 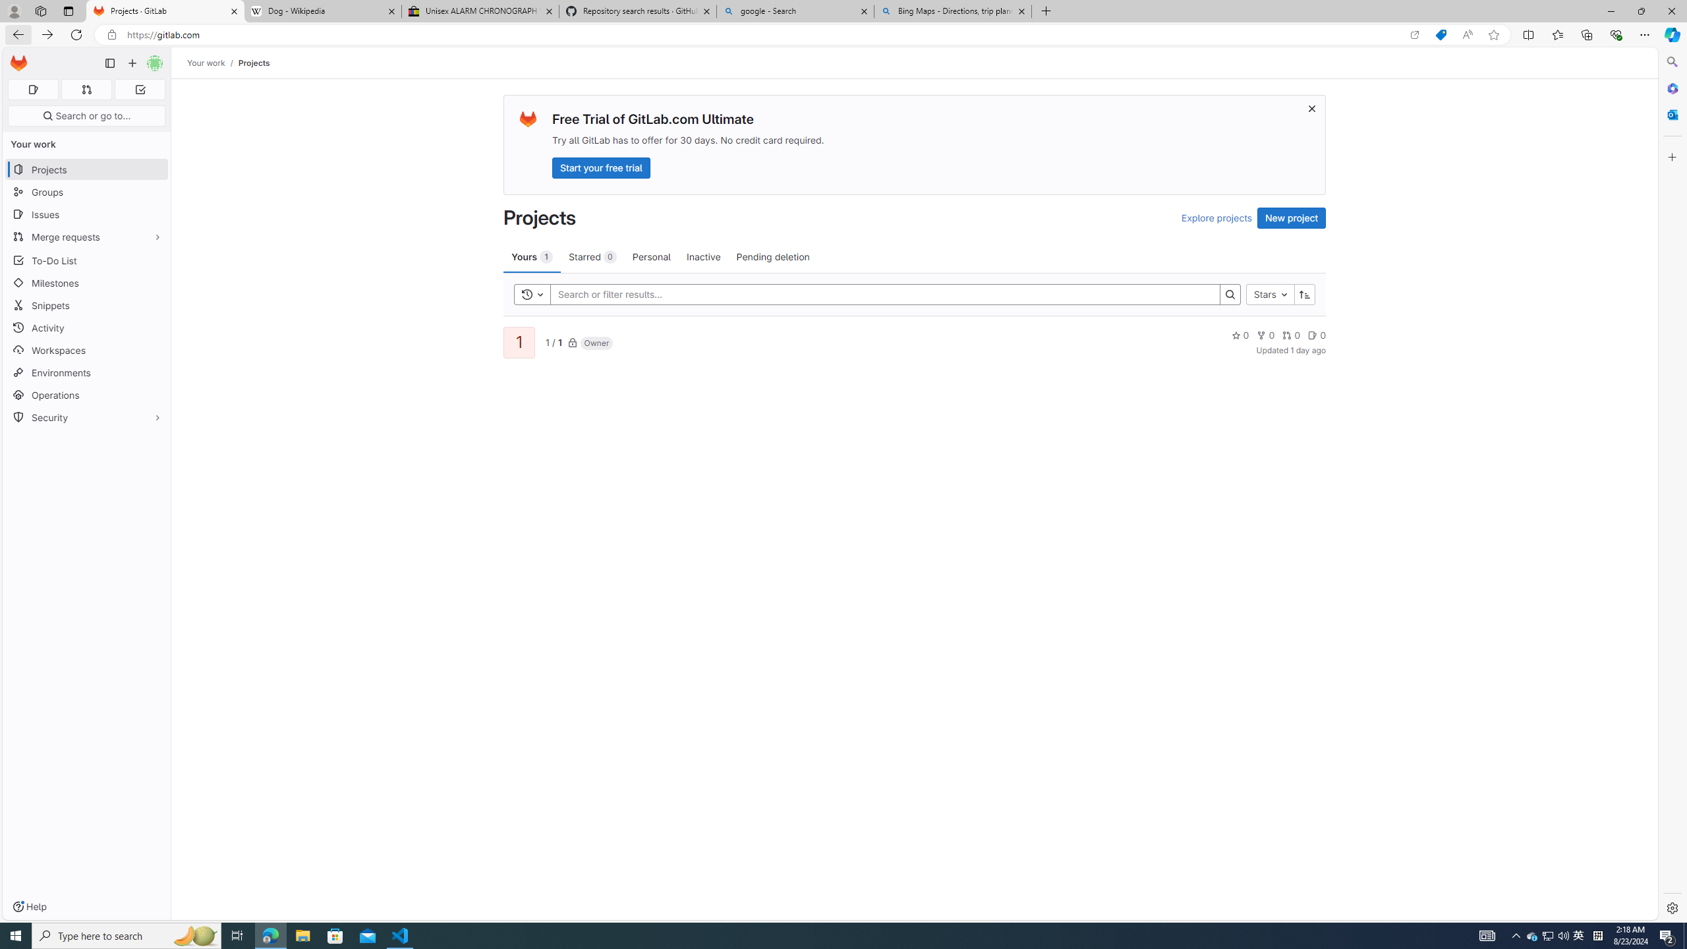 I want to click on 'Toggle history', so click(x=532, y=295).